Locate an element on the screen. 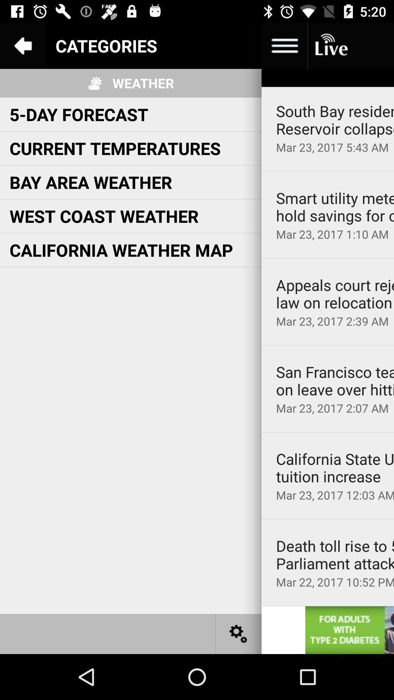  options is located at coordinates (284, 45).